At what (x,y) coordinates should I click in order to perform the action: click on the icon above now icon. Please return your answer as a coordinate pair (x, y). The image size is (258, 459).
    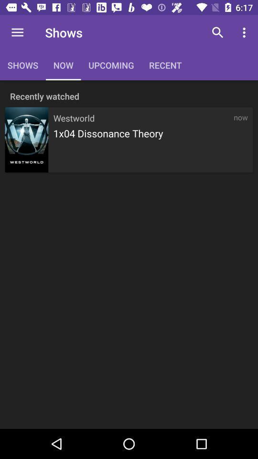
    Looking at the image, I should click on (217, 33).